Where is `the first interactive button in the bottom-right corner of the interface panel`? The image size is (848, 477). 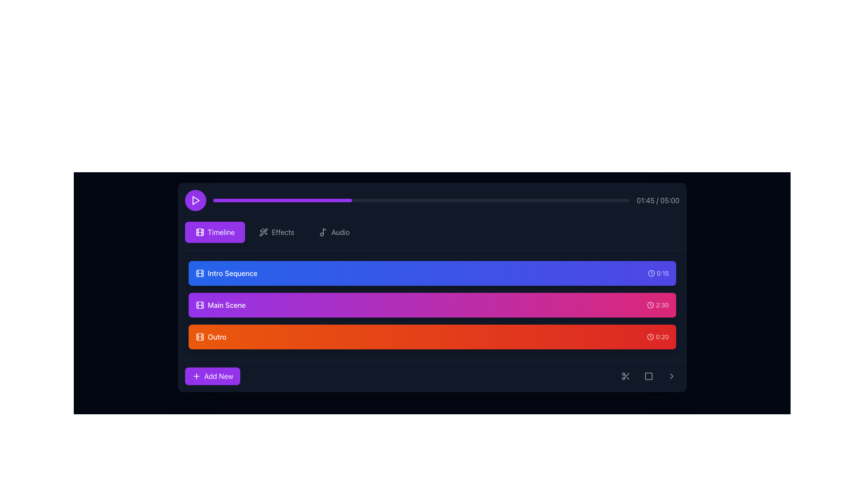 the first interactive button in the bottom-right corner of the interface panel is located at coordinates (625, 376).